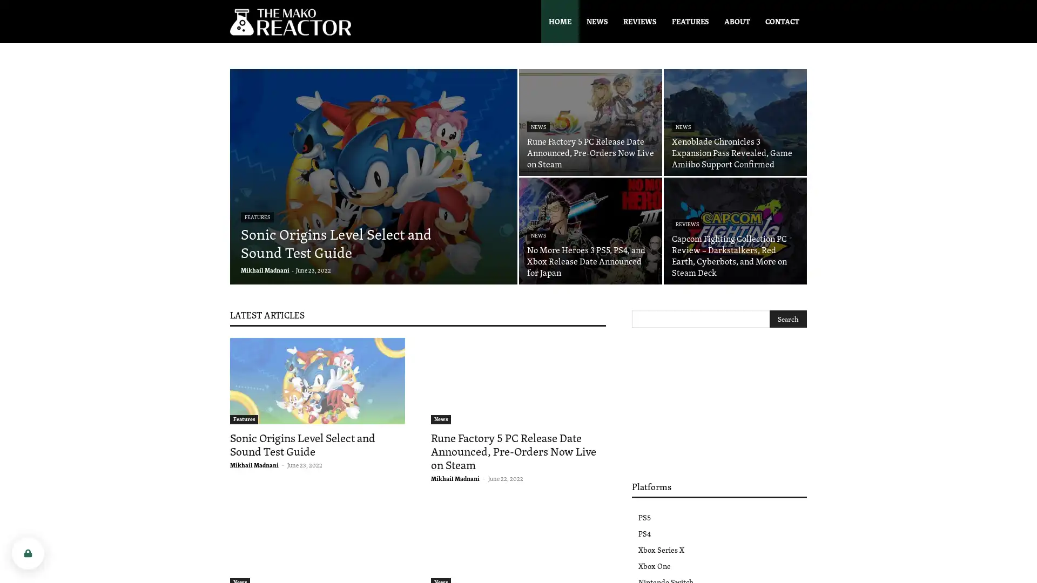  I want to click on Search, so click(788, 318).